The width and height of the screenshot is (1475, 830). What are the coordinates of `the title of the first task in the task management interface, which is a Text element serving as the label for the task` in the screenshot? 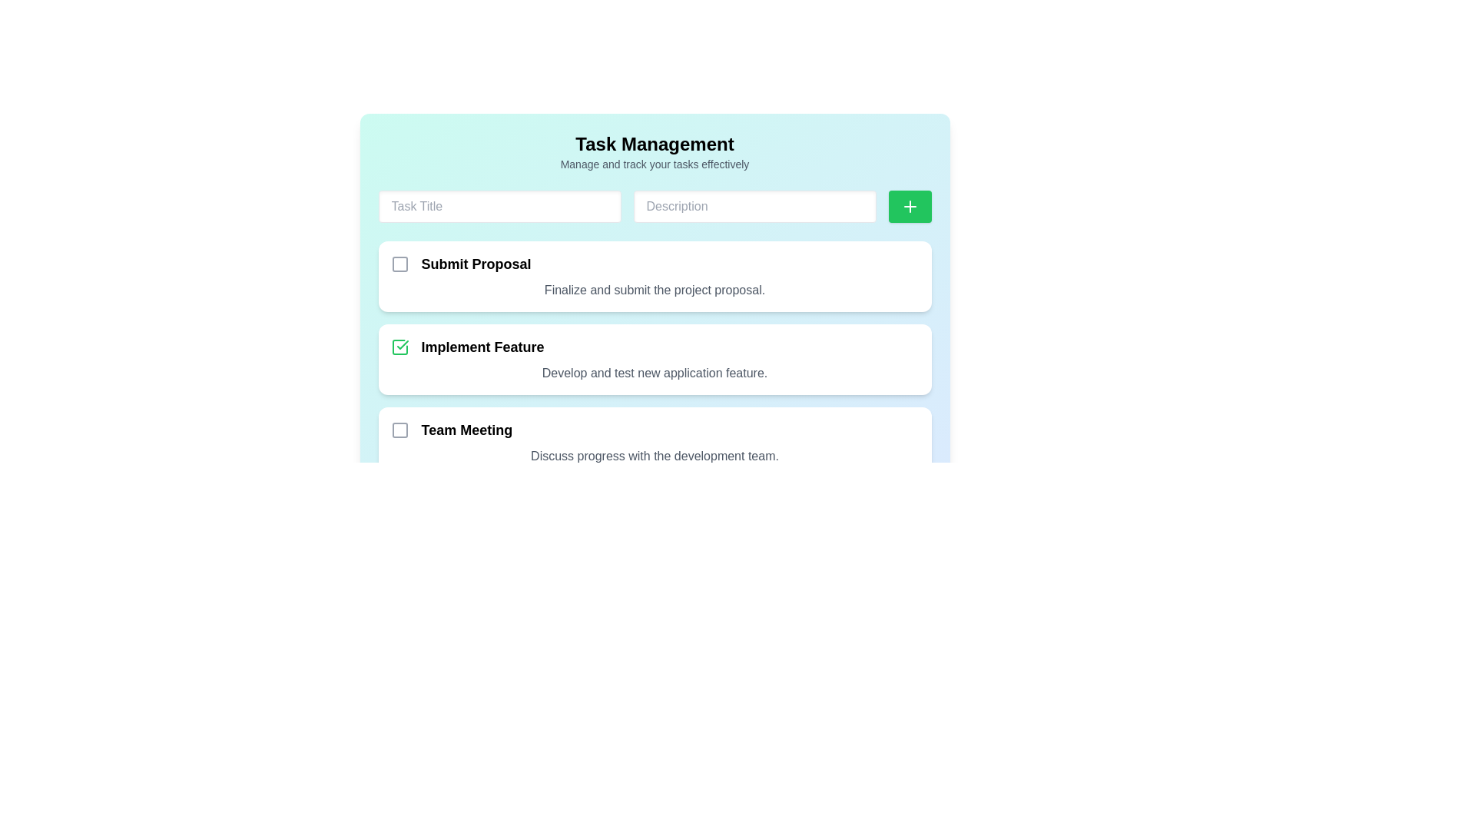 It's located at (475, 263).